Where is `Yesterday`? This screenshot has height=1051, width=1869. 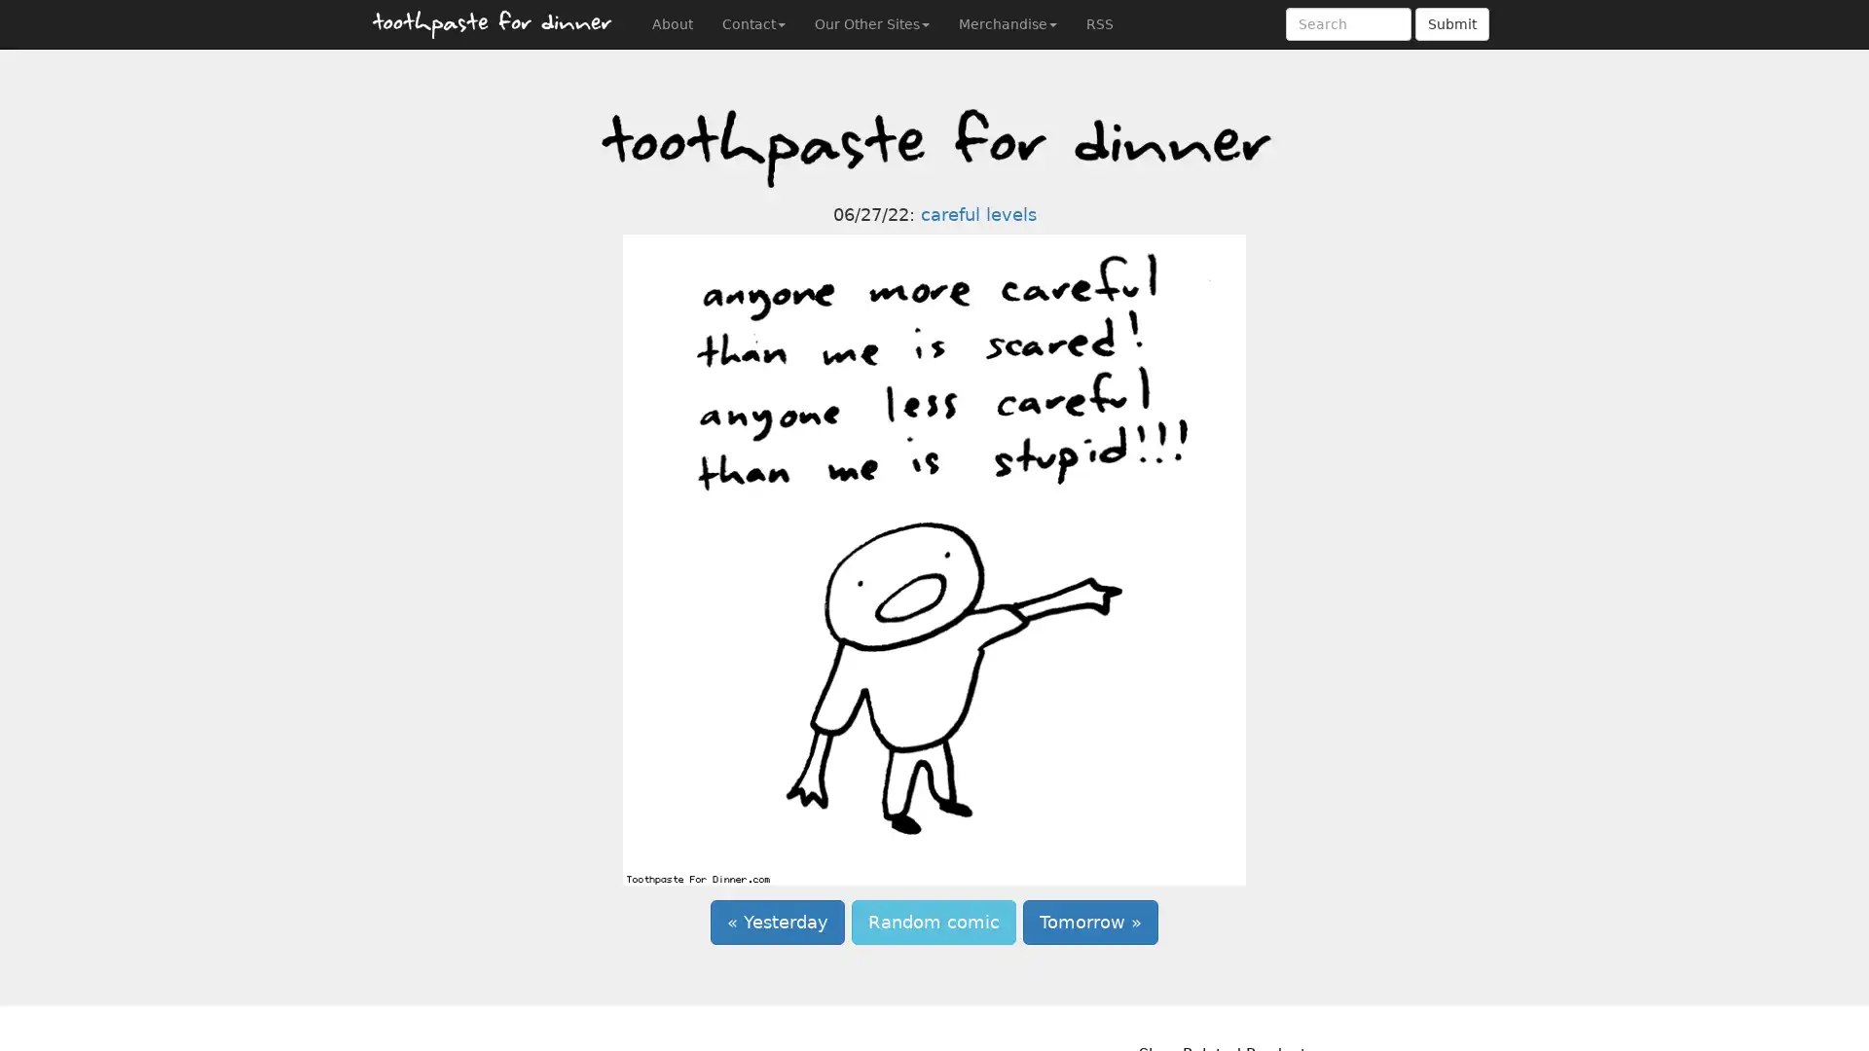 Yesterday is located at coordinates (776, 922).